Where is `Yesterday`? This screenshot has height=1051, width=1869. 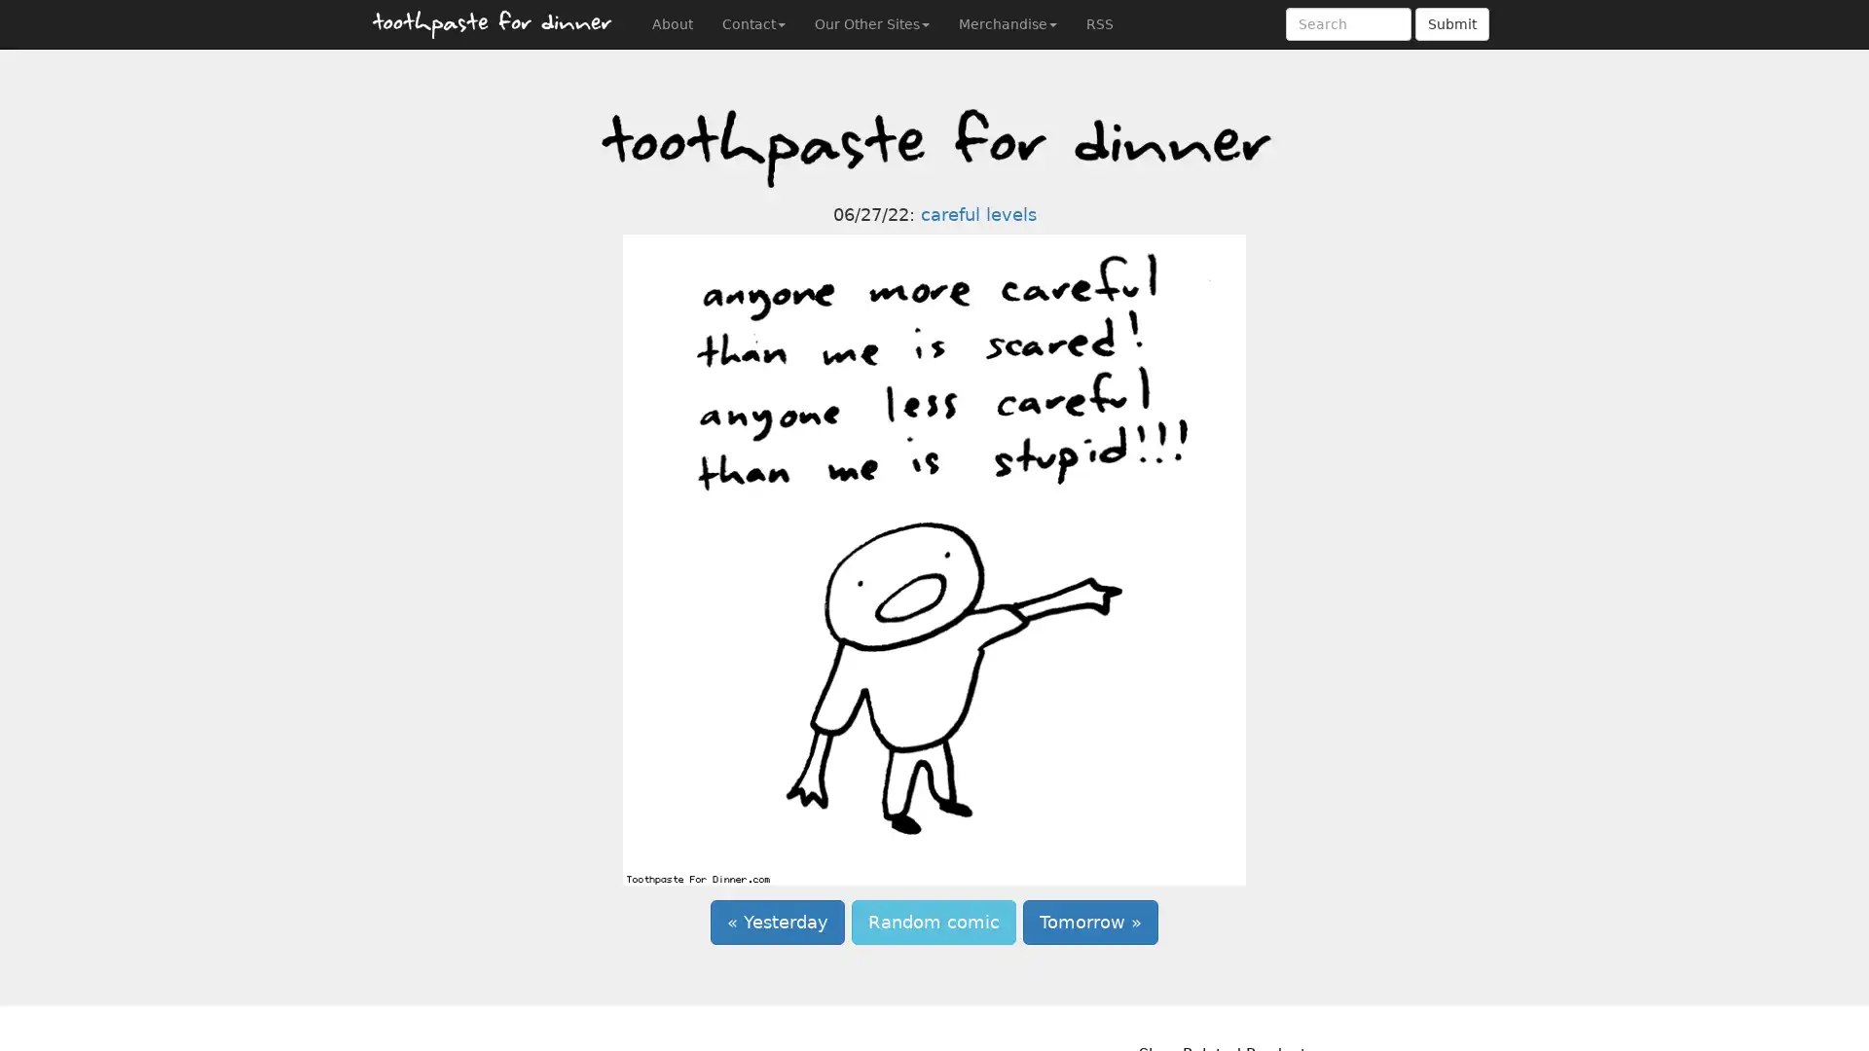 Yesterday is located at coordinates (776, 922).